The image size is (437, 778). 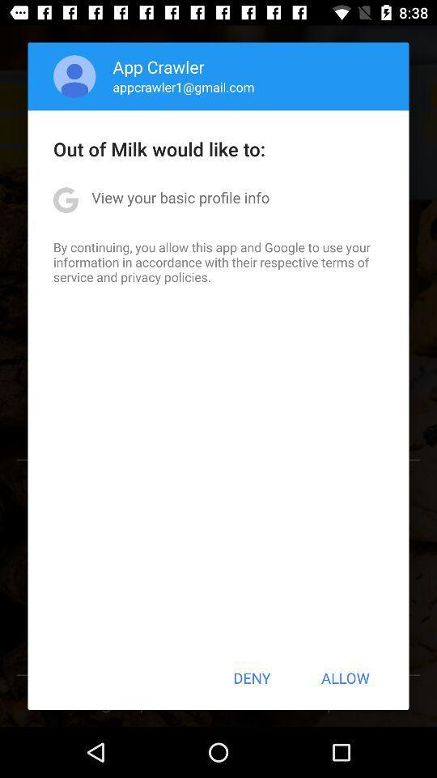 I want to click on icon above the out of milk app, so click(x=74, y=76).